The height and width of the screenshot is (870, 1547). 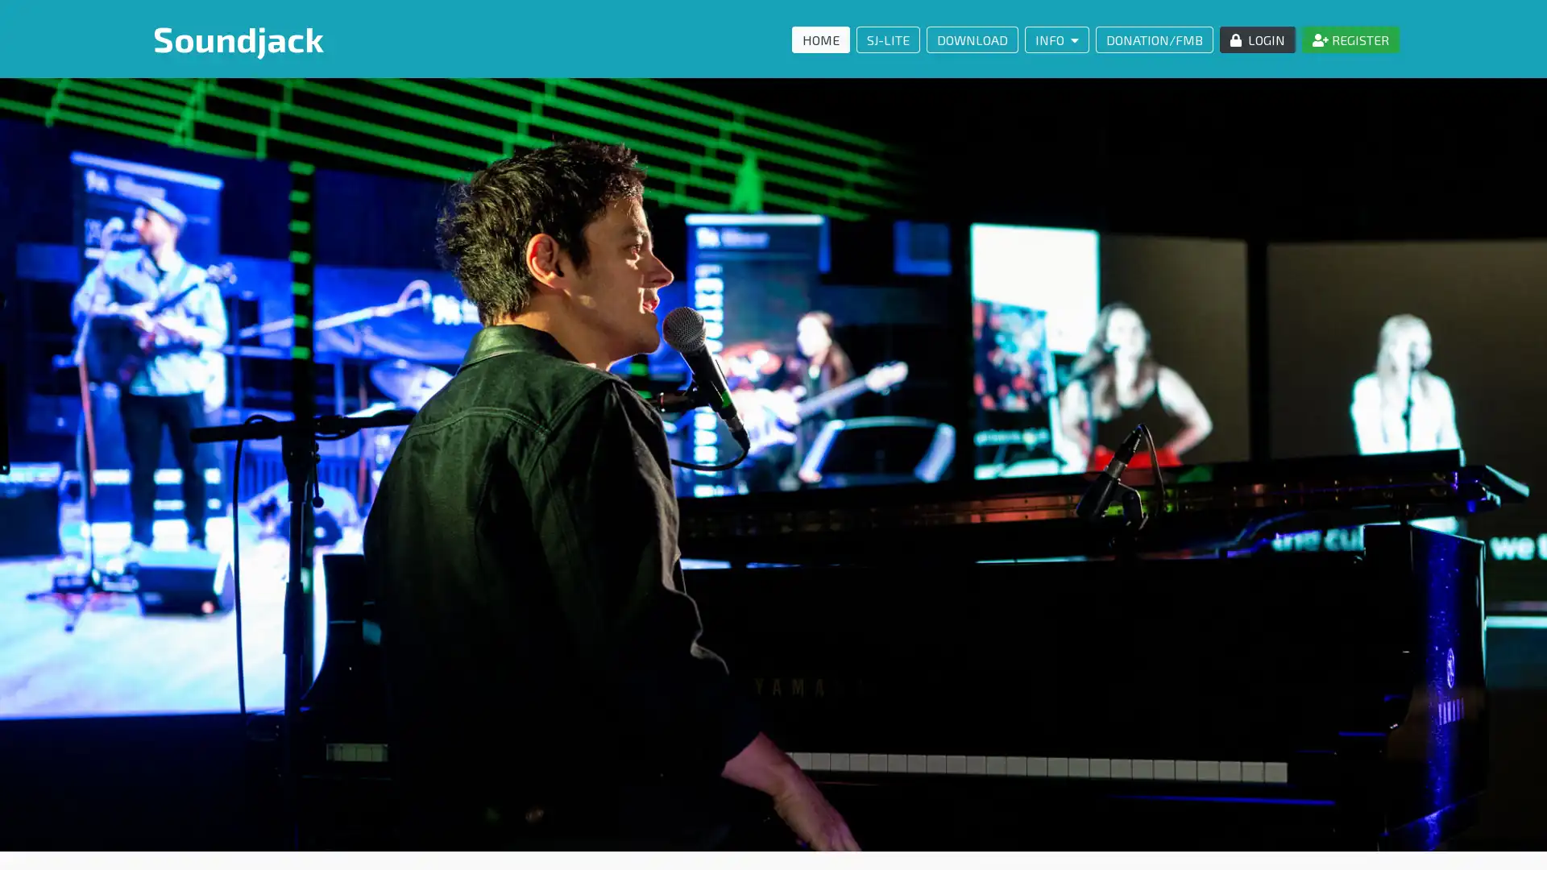 What do you see at coordinates (24, 463) in the screenshot?
I see `previous arrow` at bounding box center [24, 463].